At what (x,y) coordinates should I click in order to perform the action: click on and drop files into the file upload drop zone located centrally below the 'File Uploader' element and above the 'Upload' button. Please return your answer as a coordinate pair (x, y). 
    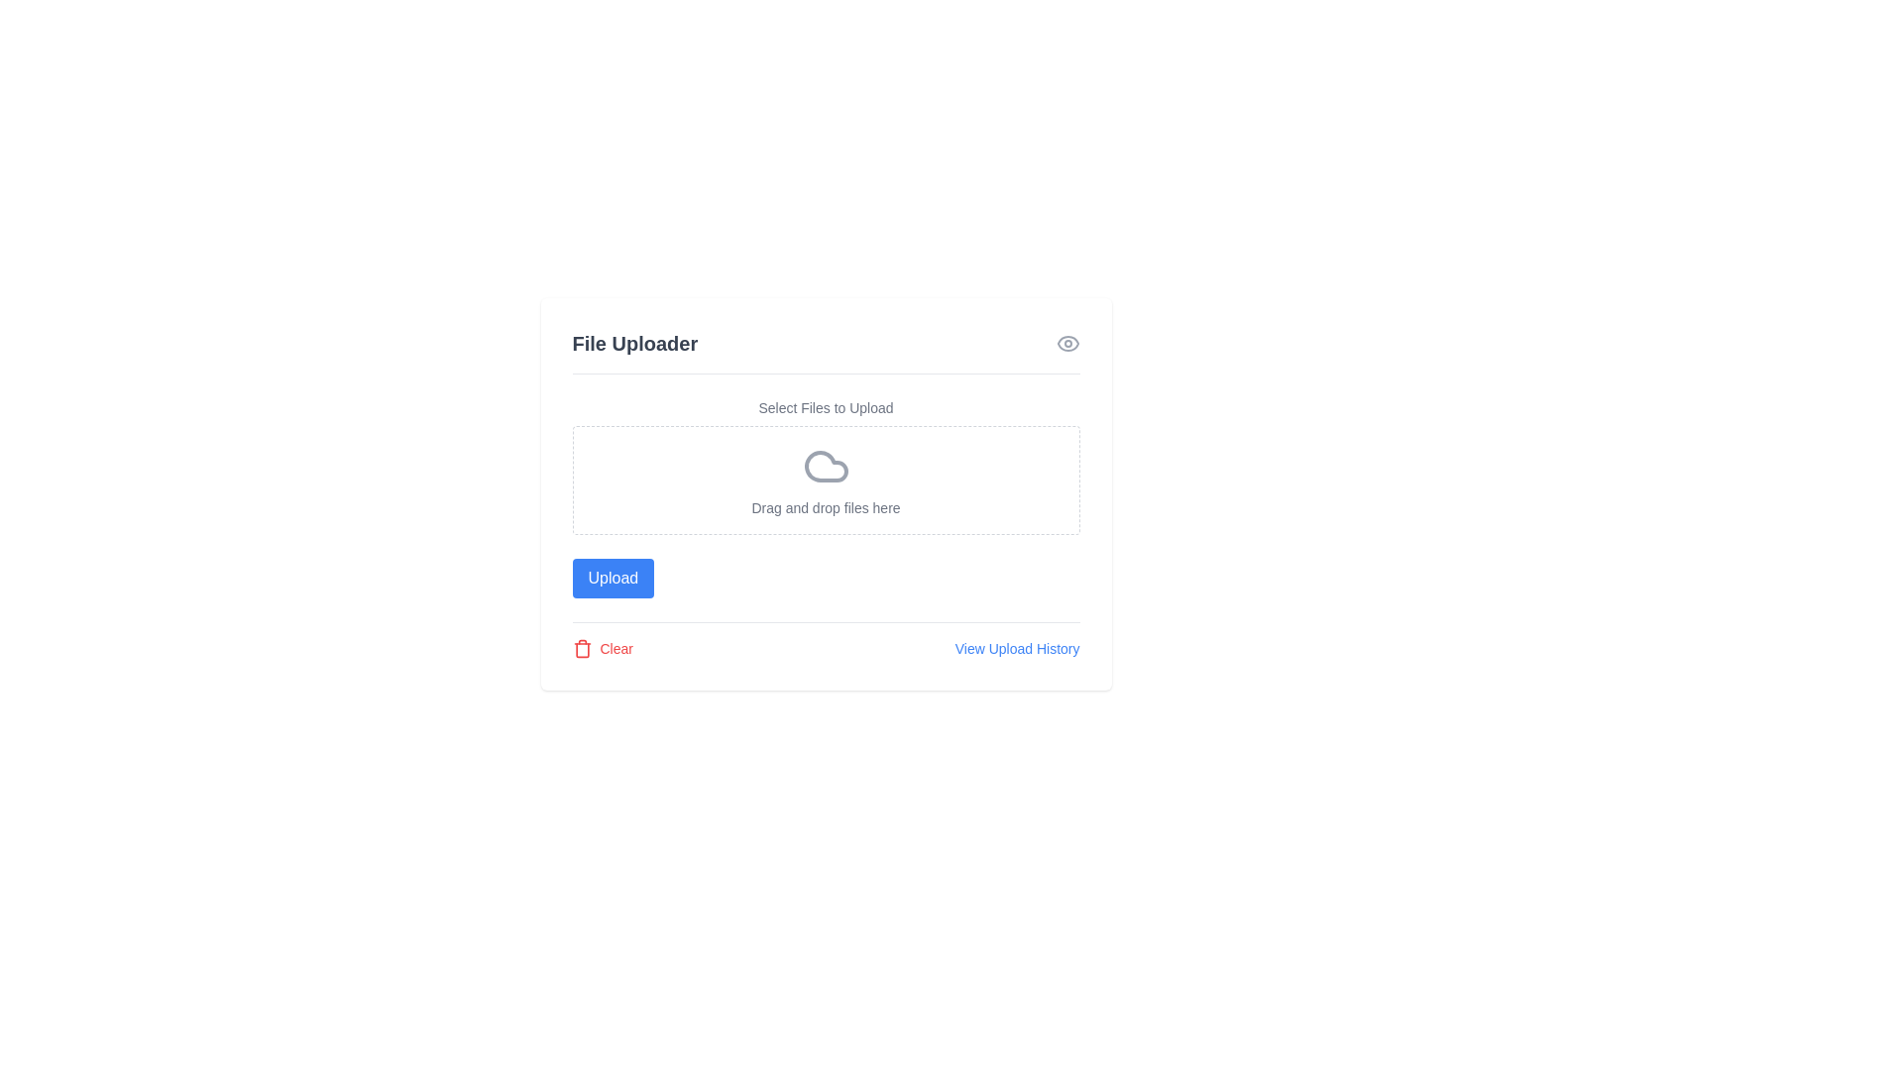
    Looking at the image, I should click on (826, 466).